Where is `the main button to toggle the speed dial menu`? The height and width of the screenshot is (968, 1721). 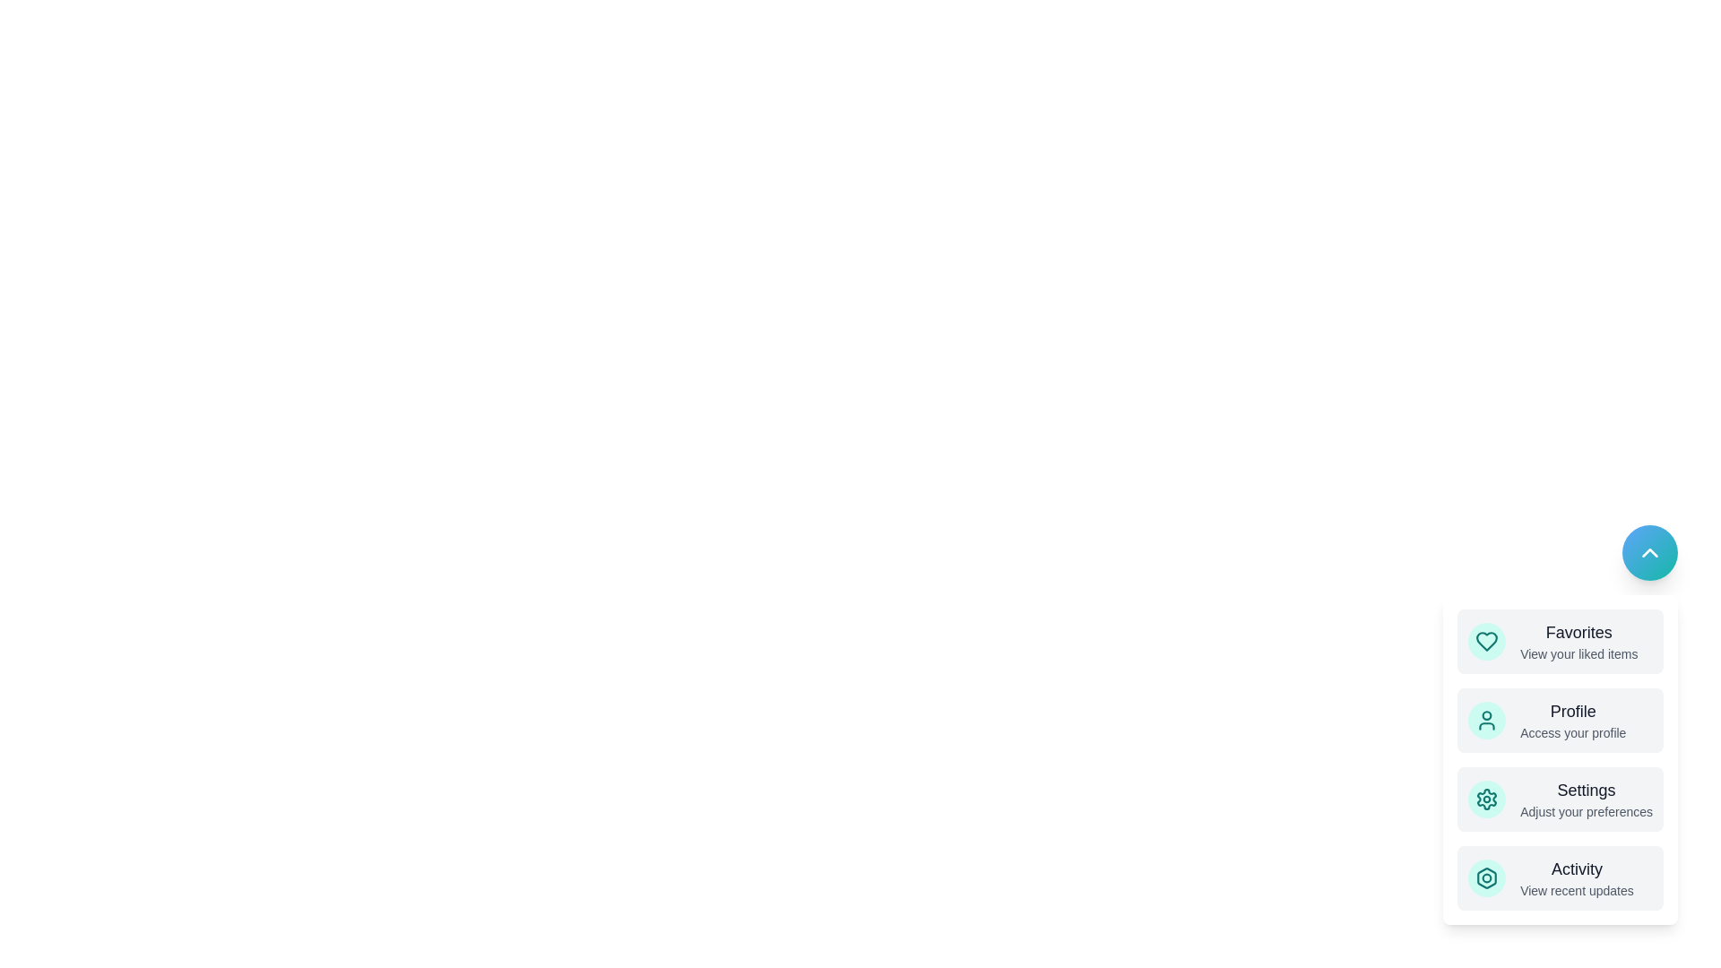
the main button to toggle the speed dial menu is located at coordinates (1649, 552).